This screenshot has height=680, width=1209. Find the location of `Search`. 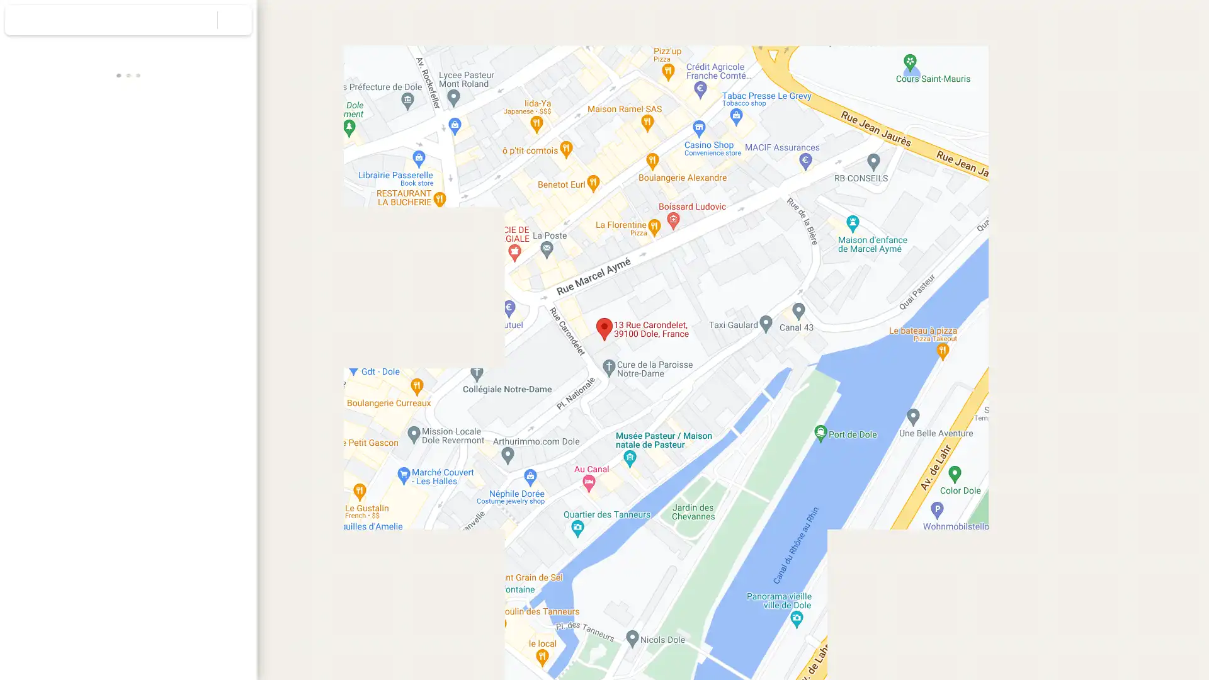

Search is located at coordinates (200, 20).